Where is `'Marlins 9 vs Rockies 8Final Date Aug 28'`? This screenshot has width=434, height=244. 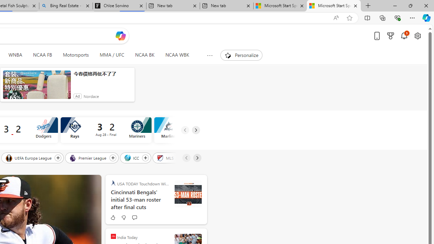
'Marlins 9 vs Rockies 8Final Date Aug 28' is located at coordinates (199, 130).